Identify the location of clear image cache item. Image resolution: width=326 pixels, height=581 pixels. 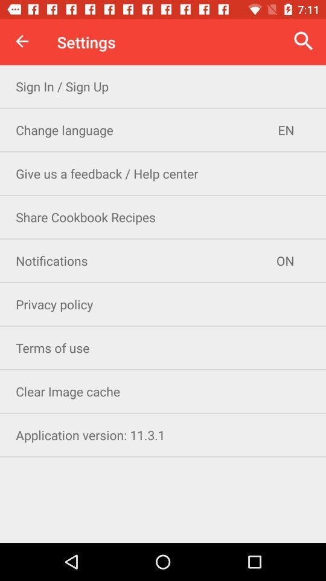
(163, 390).